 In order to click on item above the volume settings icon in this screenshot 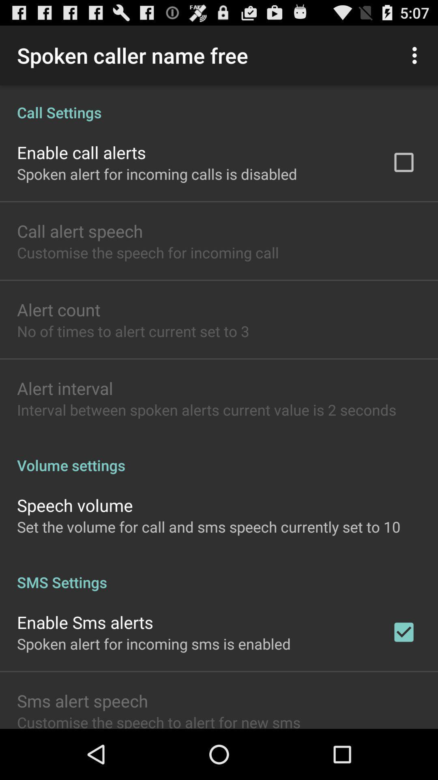, I will do `click(206, 409)`.